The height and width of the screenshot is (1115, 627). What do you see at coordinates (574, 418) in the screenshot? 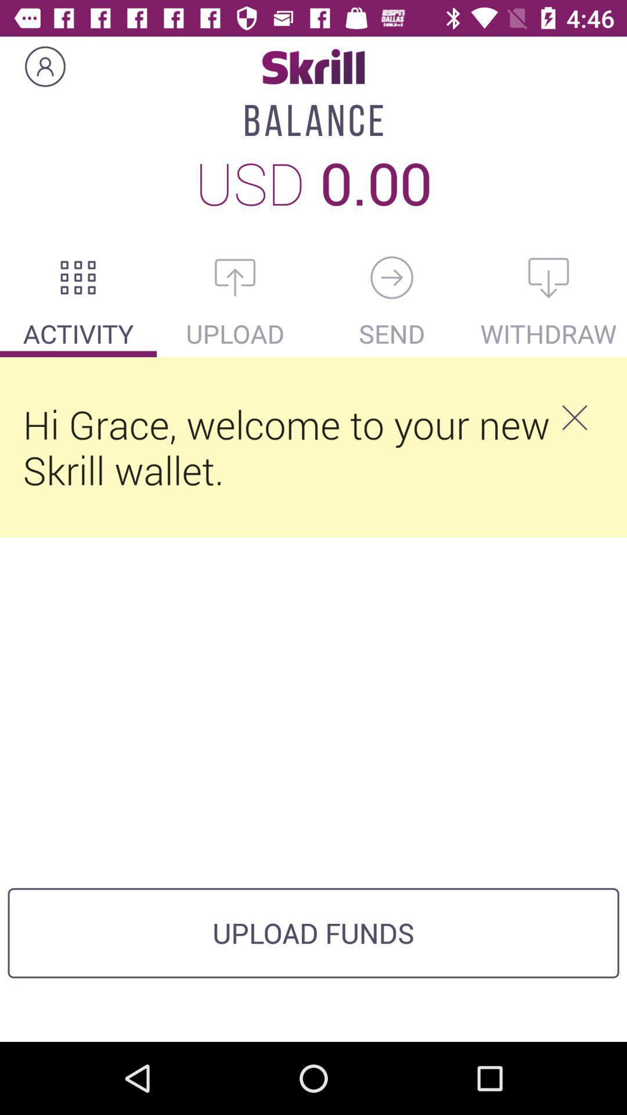
I see `the item below the withdraw item` at bounding box center [574, 418].